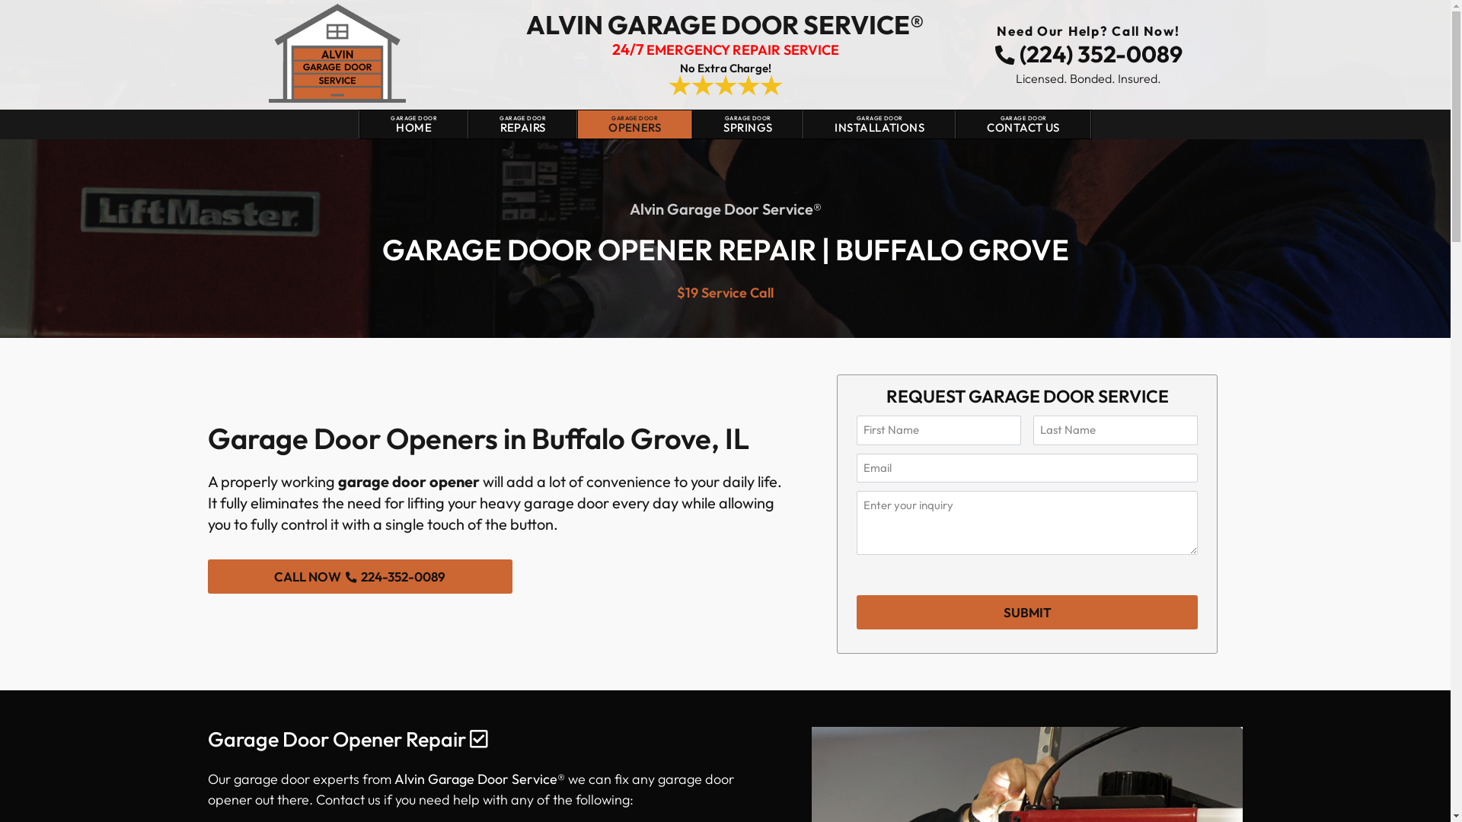  Describe the element at coordinates (1087, 46) in the screenshot. I see `'Need Our Help? Call Now!` at that location.